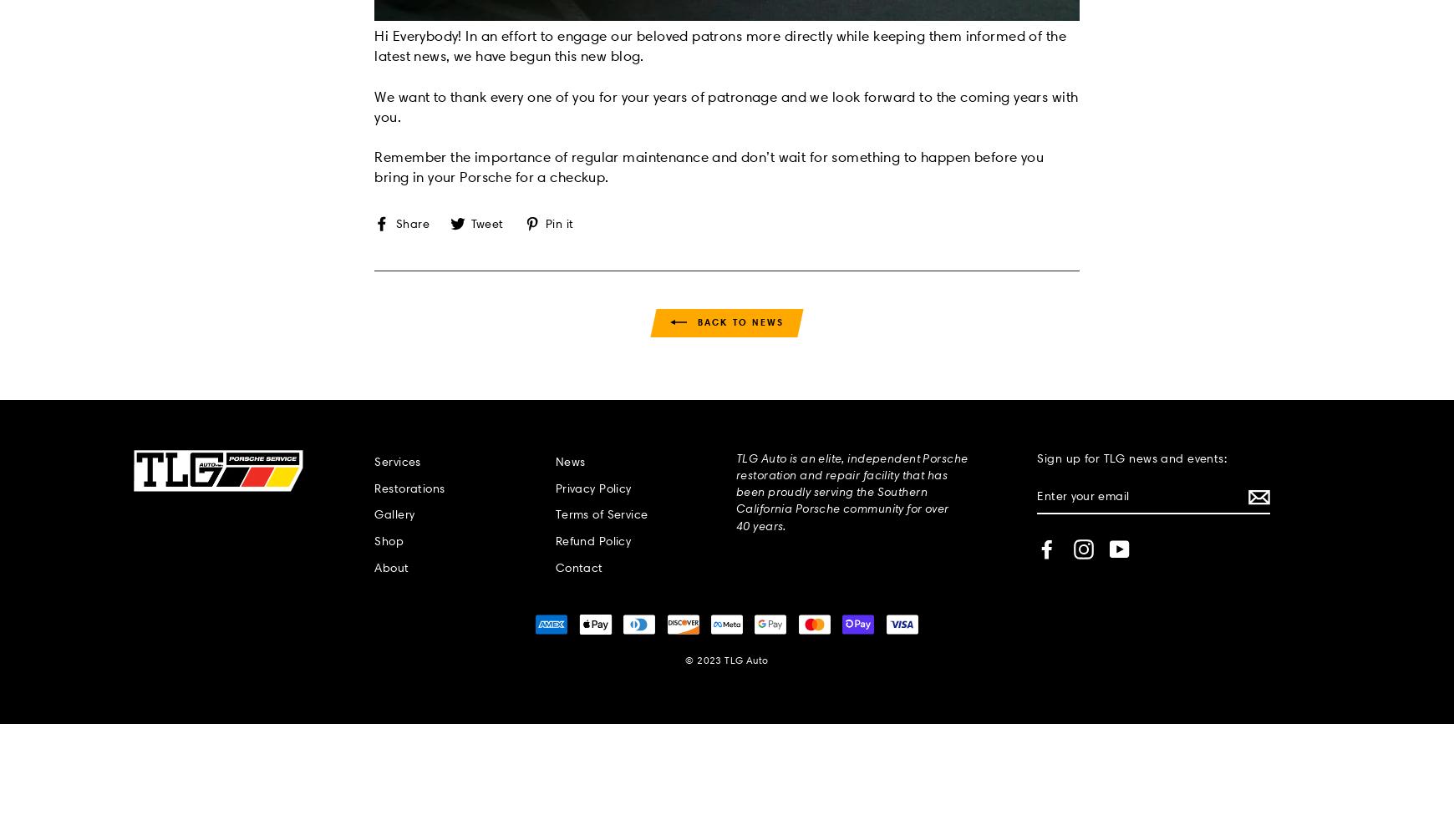  Describe the element at coordinates (374, 487) in the screenshot. I see `'Restorations'` at that location.